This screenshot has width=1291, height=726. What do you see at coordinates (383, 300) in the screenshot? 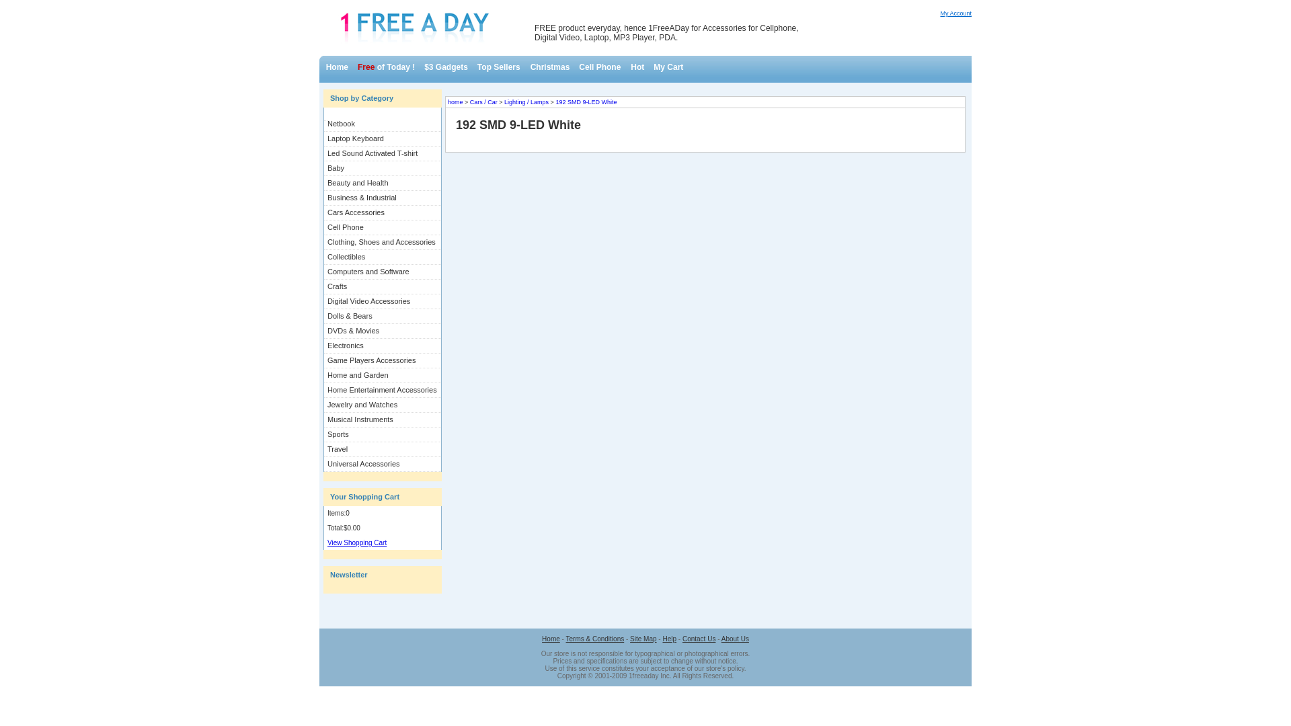
I see `'Digital Video Accessories'` at bounding box center [383, 300].